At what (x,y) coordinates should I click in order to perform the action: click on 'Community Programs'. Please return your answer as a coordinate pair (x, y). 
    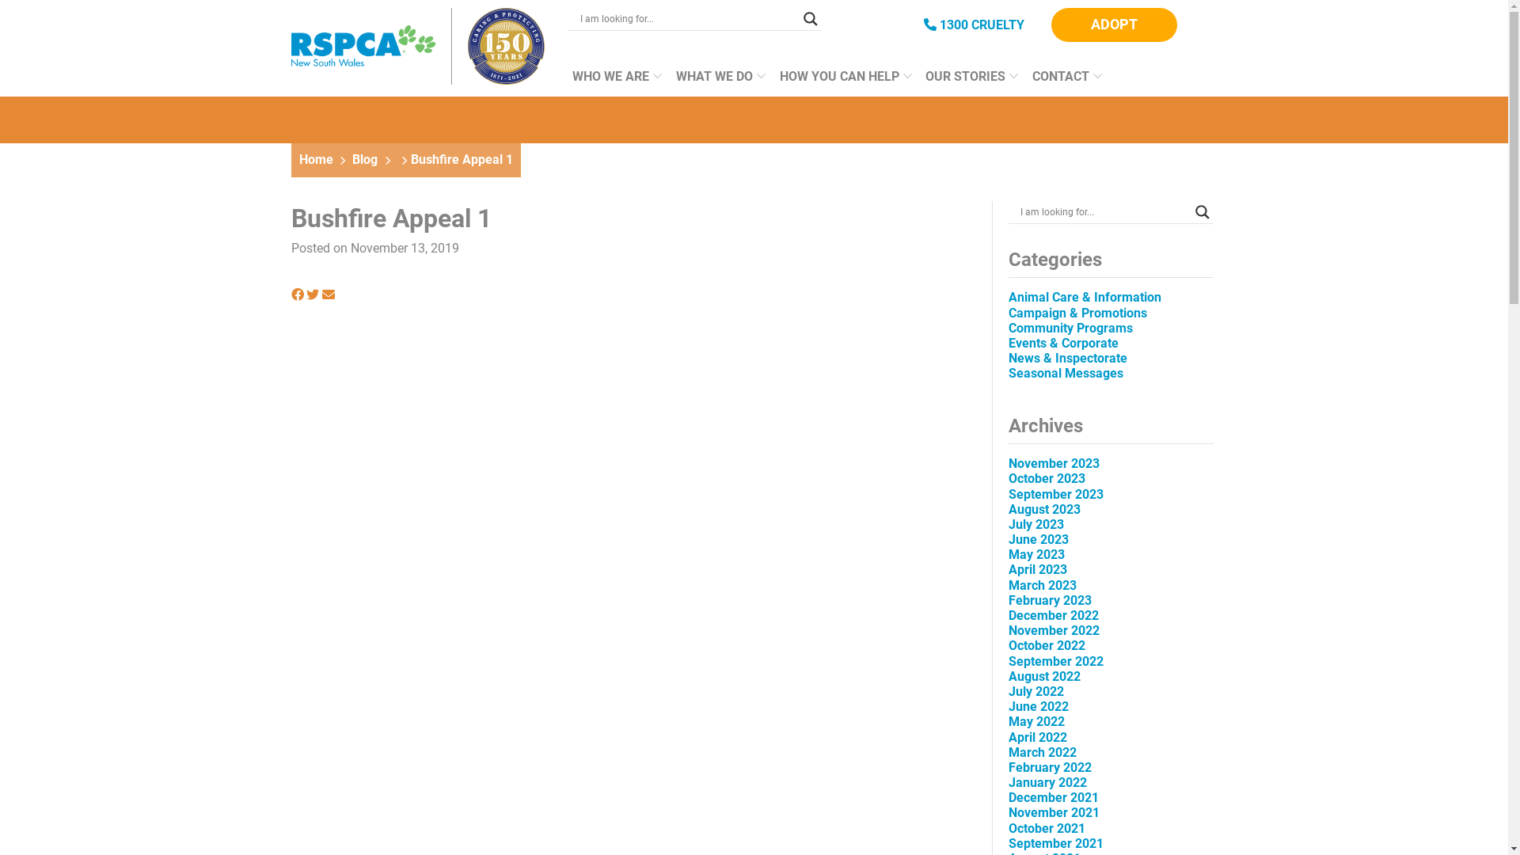
    Looking at the image, I should click on (1070, 327).